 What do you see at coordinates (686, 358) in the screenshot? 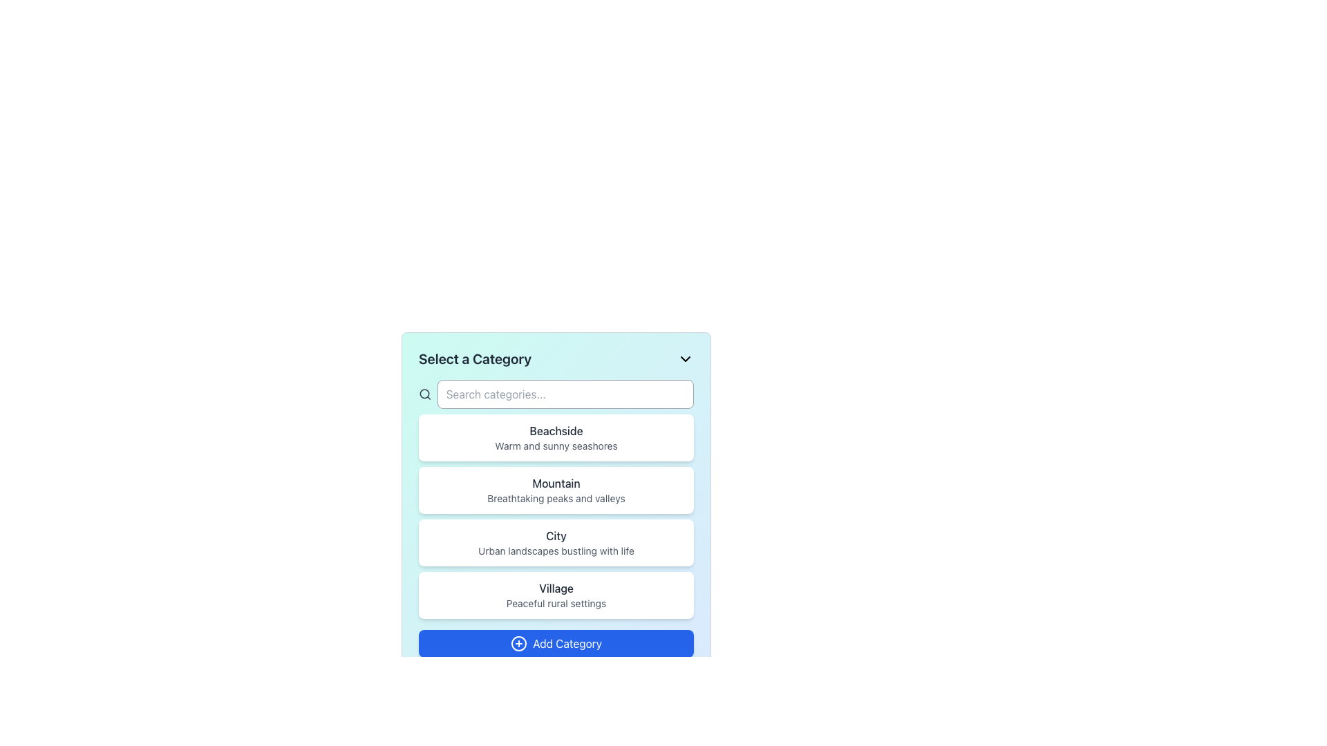
I see `the button at the upper-right corner of the 'Select a Category' section` at bounding box center [686, 358].